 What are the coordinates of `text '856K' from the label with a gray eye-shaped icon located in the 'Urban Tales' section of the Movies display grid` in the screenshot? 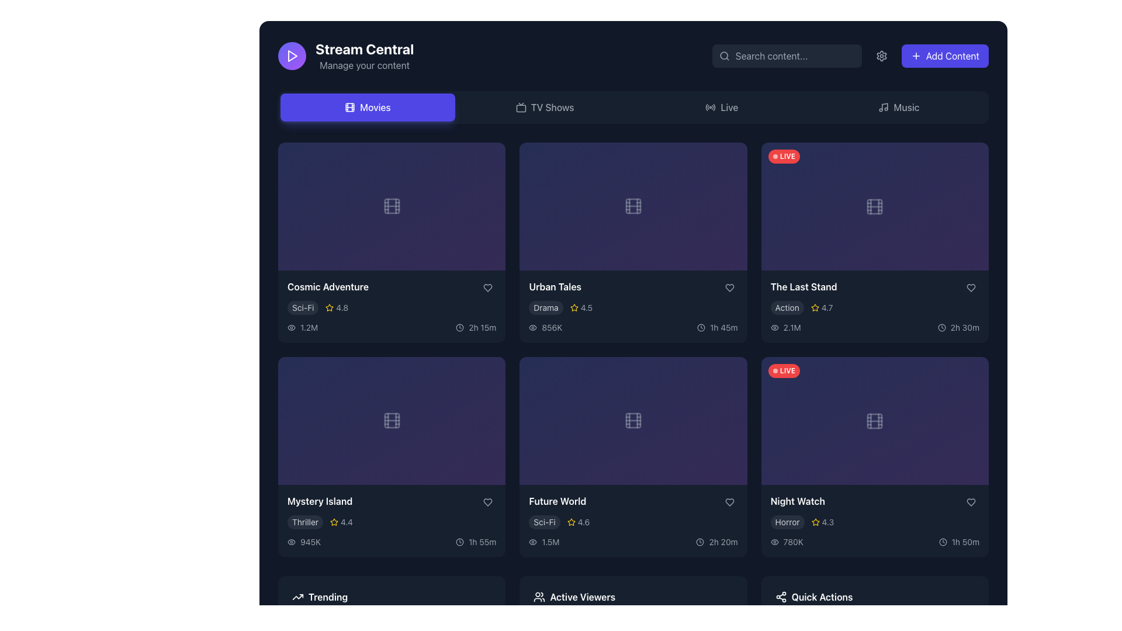 It's located at (545, 327).